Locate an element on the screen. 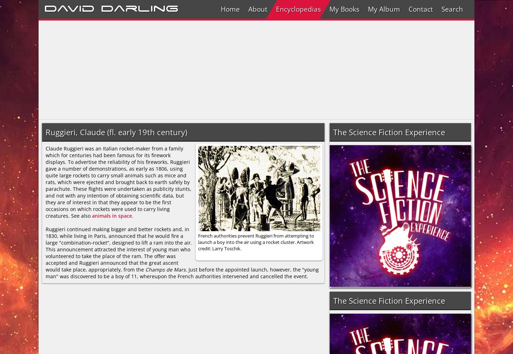 This screenshot has height=354, width=513. 'animals 
            in space' is located at coordinates (111, 215).